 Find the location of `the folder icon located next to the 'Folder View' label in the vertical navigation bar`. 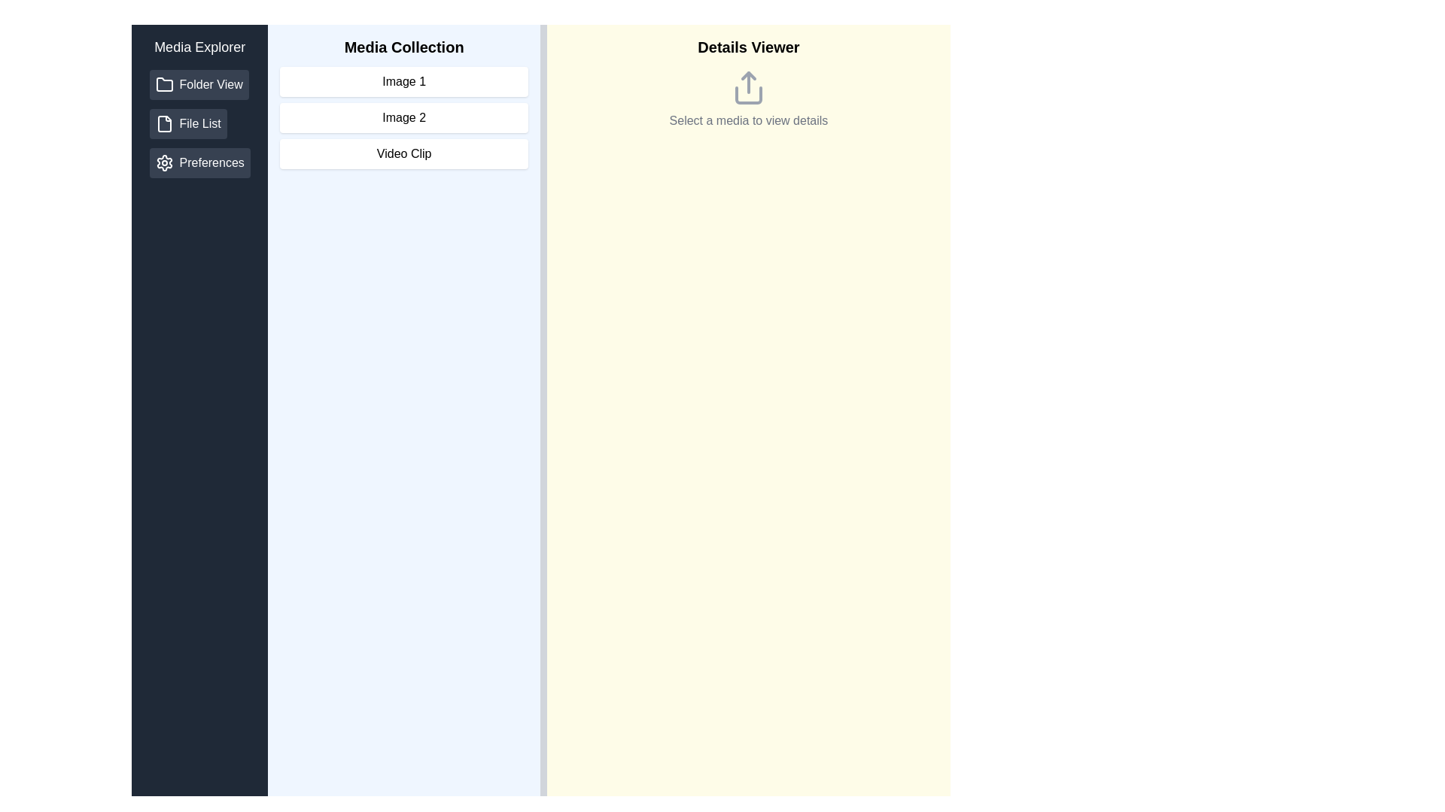

the folder icon located next to the 'Folder View' label in the vertical navigation bar is located at coordinates (164, 84).